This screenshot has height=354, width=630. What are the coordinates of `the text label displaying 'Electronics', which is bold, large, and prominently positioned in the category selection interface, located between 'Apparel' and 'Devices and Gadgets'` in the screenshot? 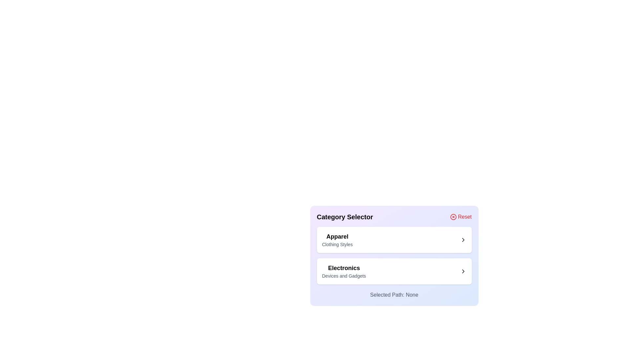 It's located at (344, 268).